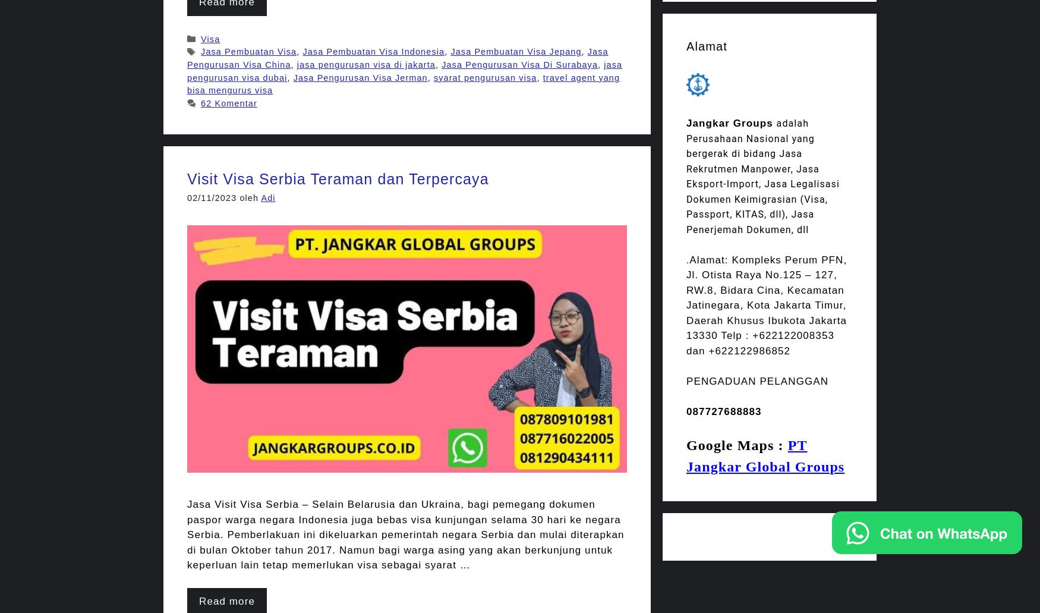  I want to click on 'Jasa Pengurusan Visa Jerman', so click(360, 77).